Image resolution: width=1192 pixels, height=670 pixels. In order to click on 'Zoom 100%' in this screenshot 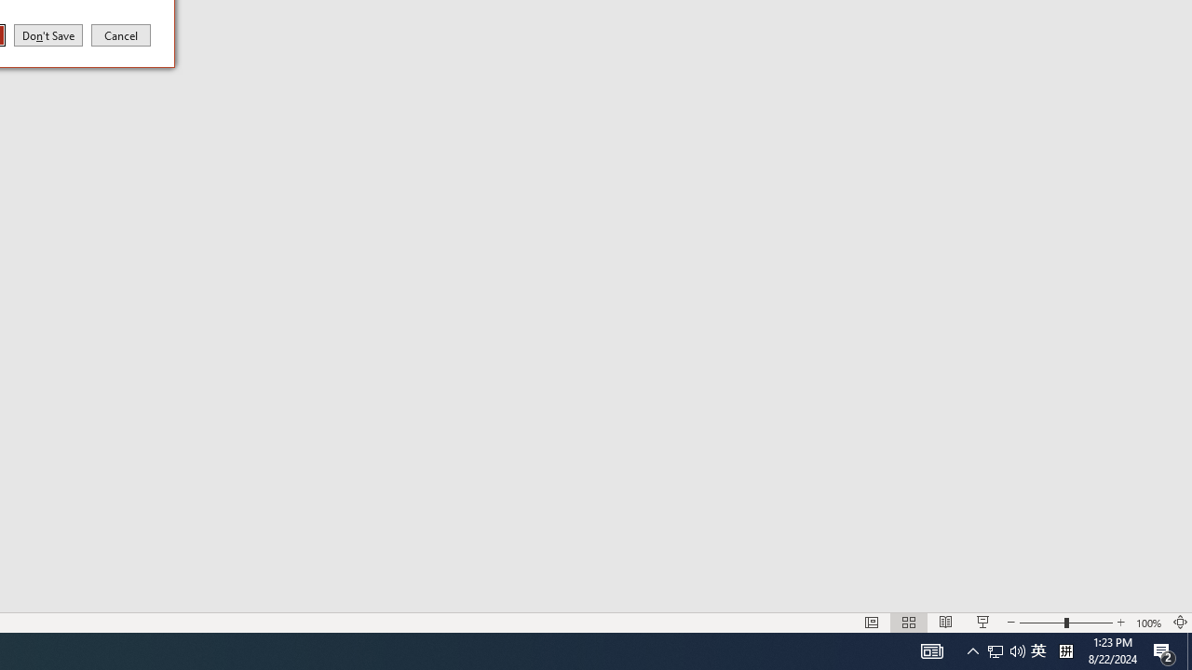, I will do `click(1148, 623)`.